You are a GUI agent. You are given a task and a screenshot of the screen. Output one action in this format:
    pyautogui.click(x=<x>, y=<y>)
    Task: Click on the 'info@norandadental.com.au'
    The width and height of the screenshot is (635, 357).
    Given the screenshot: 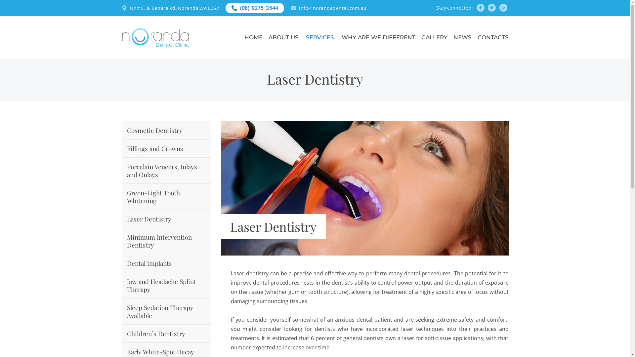 What is the action you would take?
    pyautogui.click(x=333, y=8)
    